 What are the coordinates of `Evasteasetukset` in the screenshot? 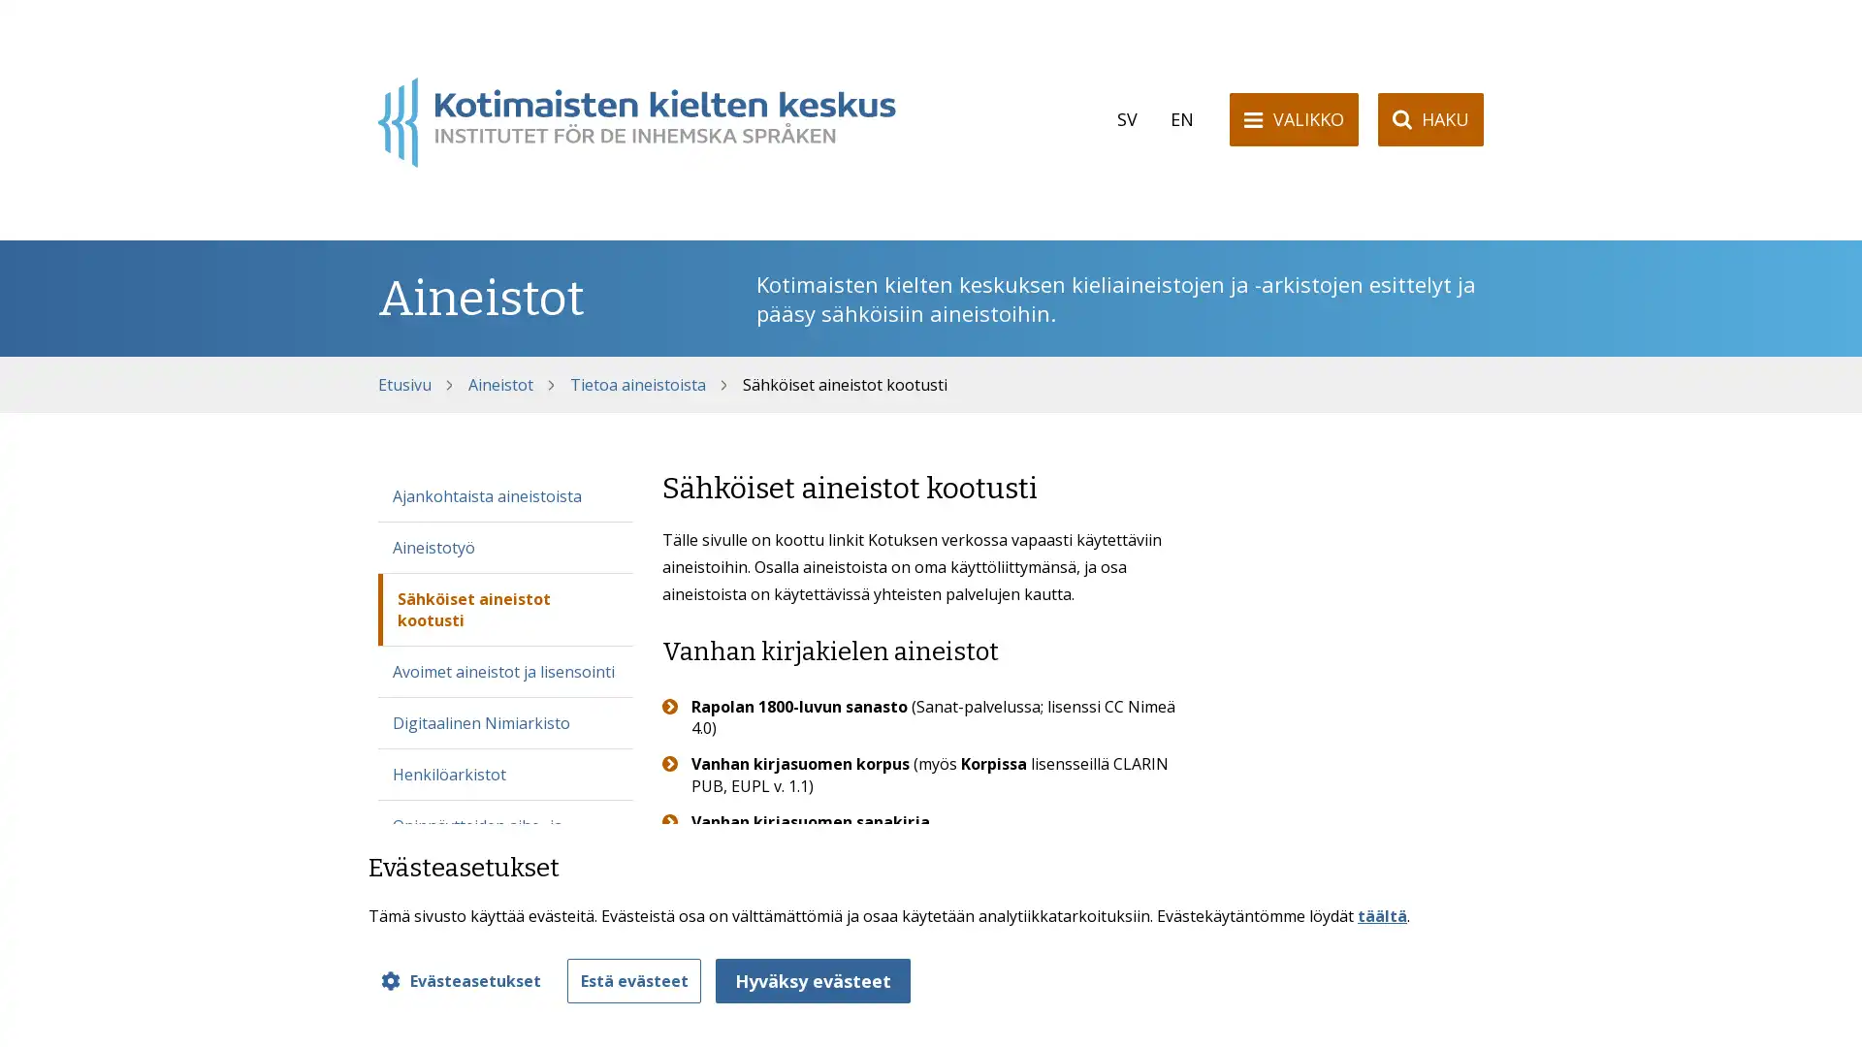 It's located at (460, 980).